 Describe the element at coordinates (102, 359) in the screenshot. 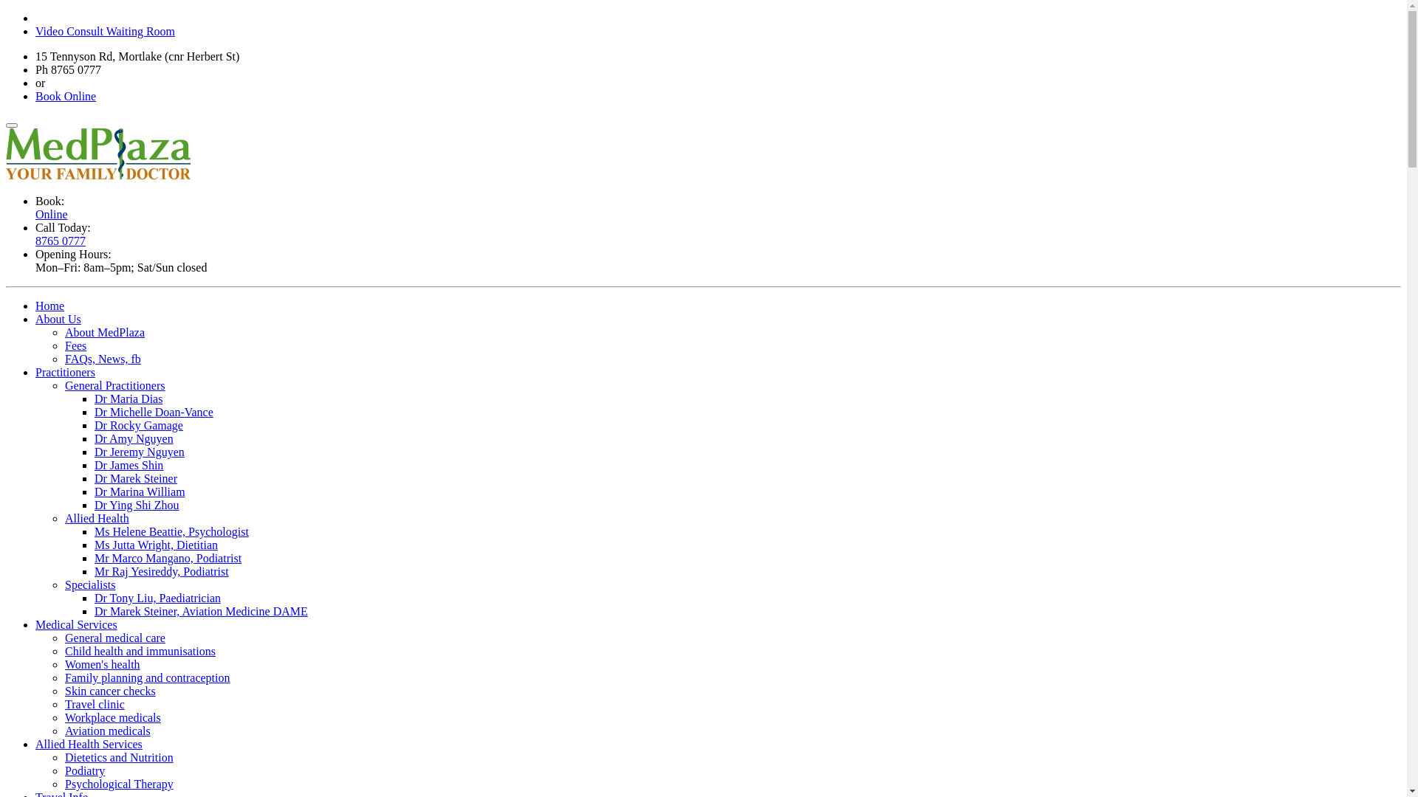

I see `'FAQs, News, fb'` at that location.